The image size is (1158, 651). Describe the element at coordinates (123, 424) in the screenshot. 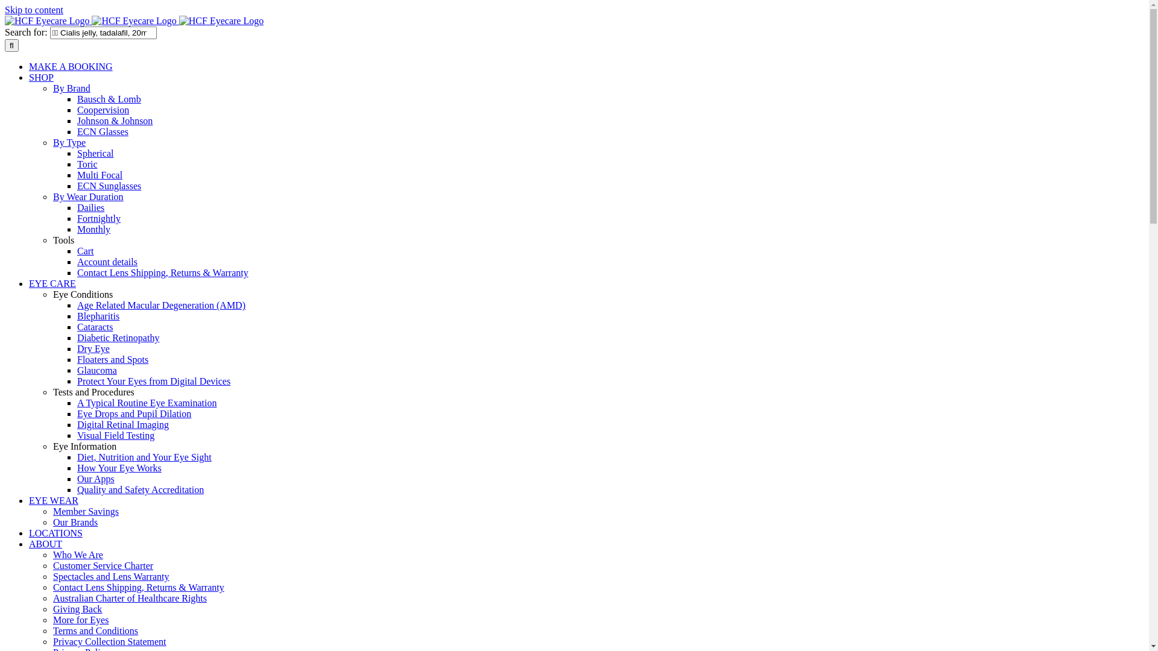

I see `'Digital Retinal Imaging'` at that location.